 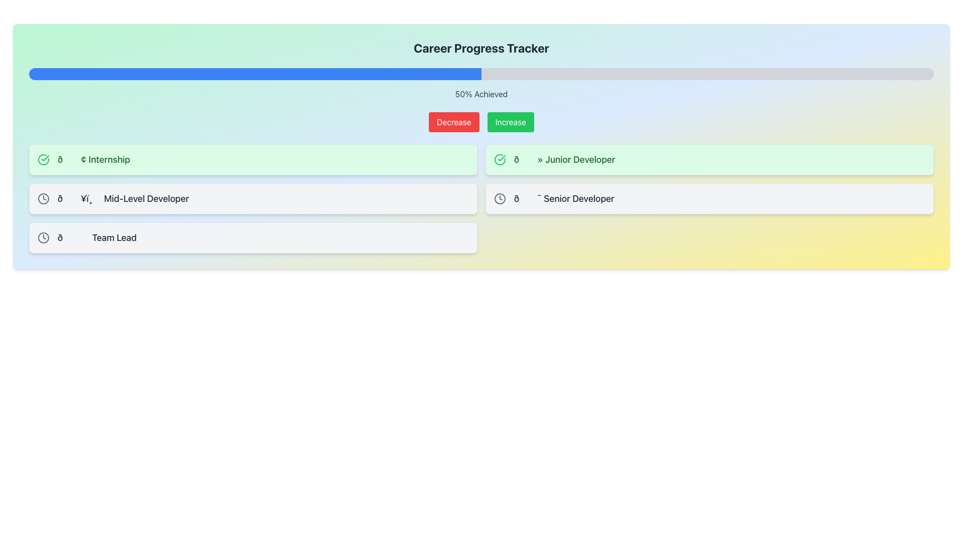 What do you see at coordinates (43, 159) in the screenshot?
I see `the green circular icon with a checkmark that signifies a completed status, located next to the 'Internship' text` at bounding box center [43, 159].